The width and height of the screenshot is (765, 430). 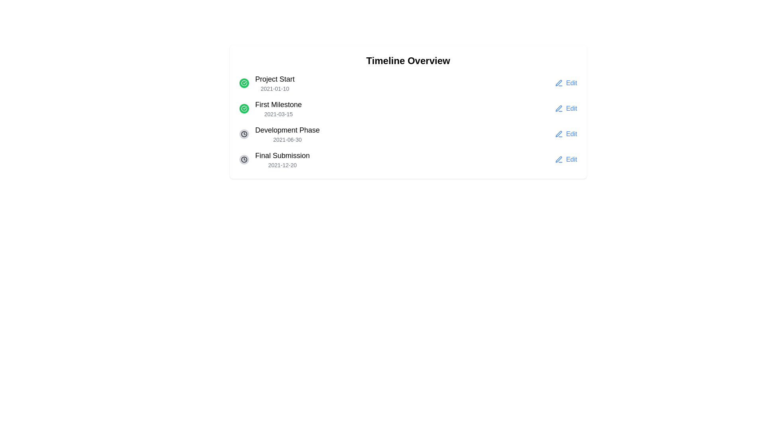 What do you see at coordinates (287, 139) in the screenshot?
I see `the Text label that displays the date for the 'Development Phase' entry in the timeline, located beneath the 'Development Phase' heading` at bounding box center [287, 139].